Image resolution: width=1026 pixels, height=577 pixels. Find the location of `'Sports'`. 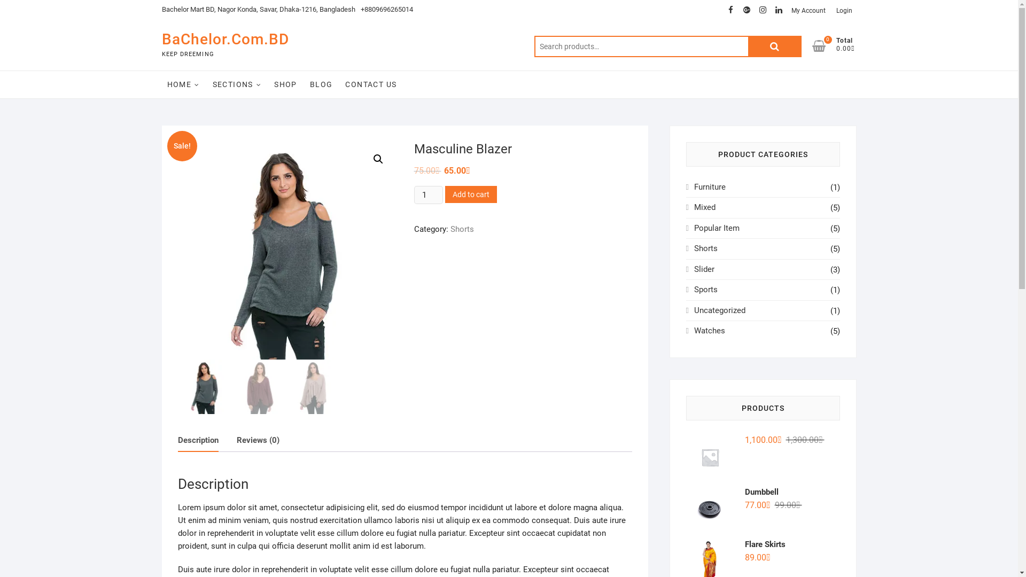

'Sports' is located at coordinates (705, 290).